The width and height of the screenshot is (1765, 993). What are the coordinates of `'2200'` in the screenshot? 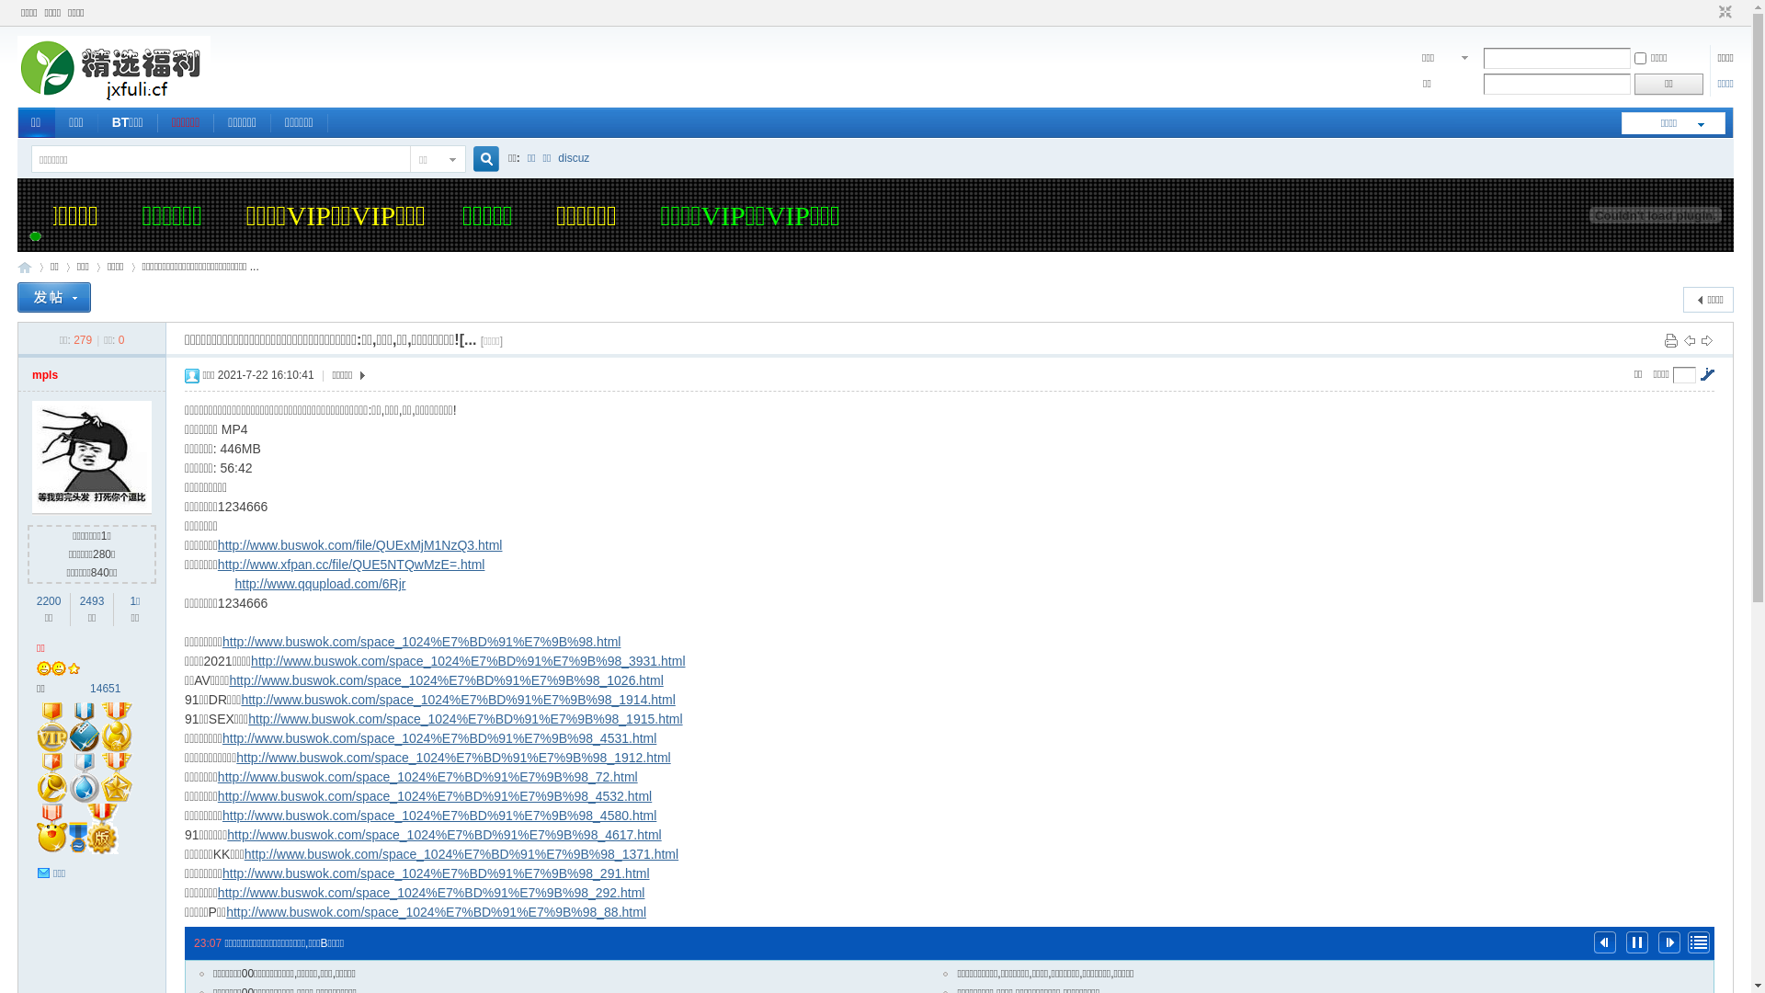 It's located at (49, 601).